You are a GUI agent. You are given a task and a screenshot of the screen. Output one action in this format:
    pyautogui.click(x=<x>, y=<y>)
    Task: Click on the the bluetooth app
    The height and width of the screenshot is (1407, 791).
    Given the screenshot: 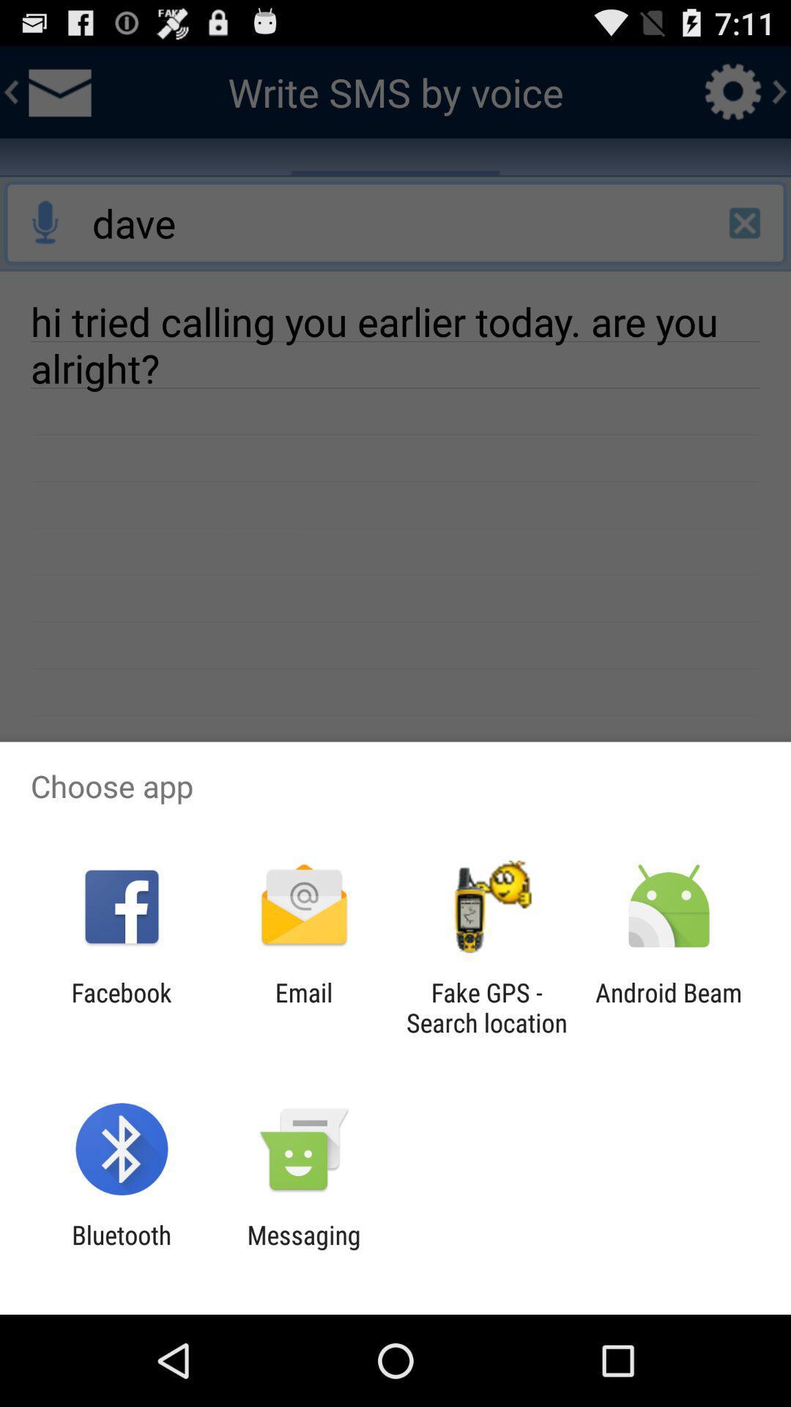 What is the action you would take?
    pyautogui.click(x=121, y=1249)
    